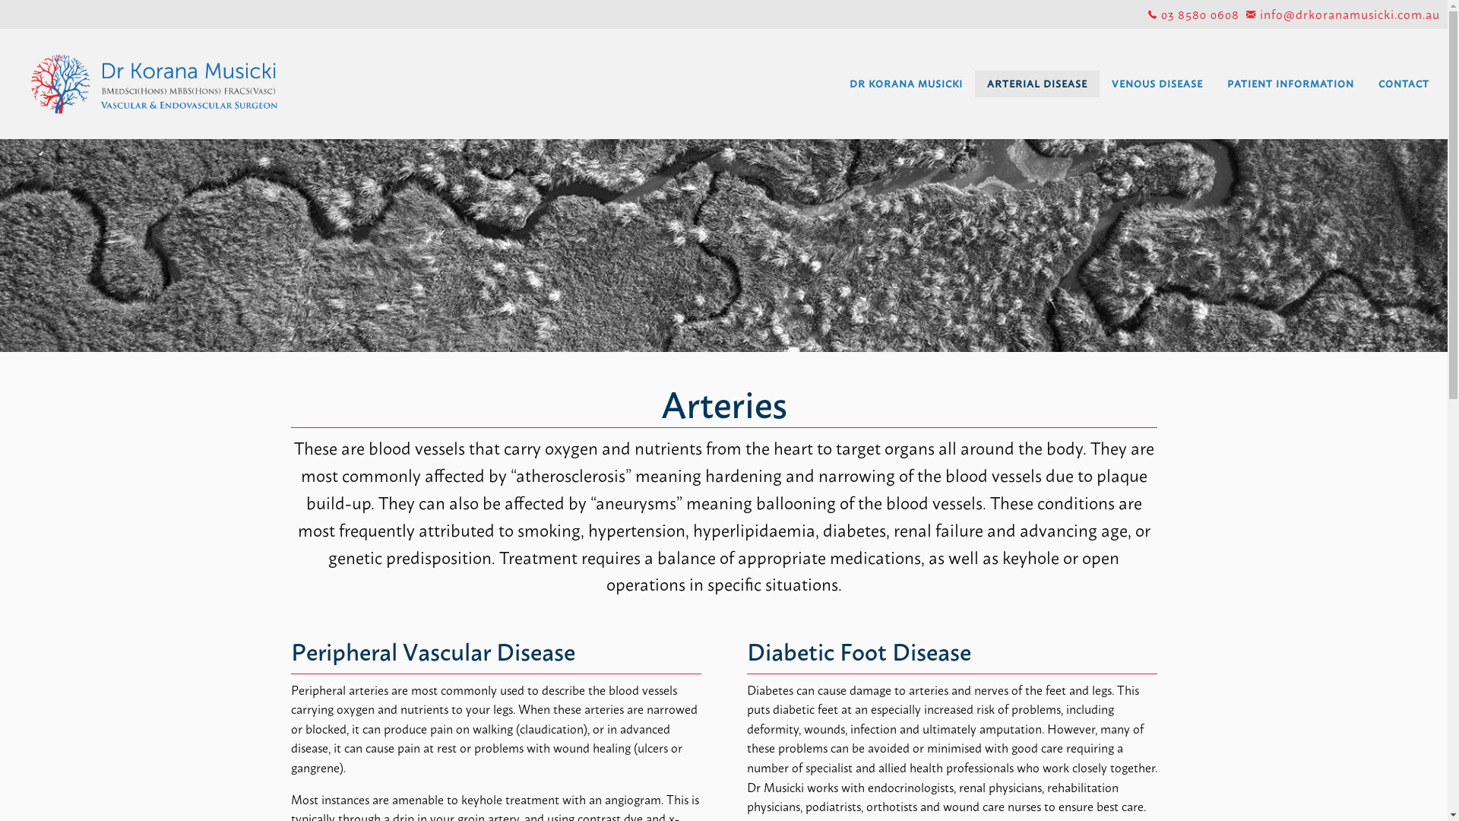  What do you see at coordinates (906, 84) in the screenshot?
I see `'DR KORANA MUSICKI'` at bounding box center [906, 84].